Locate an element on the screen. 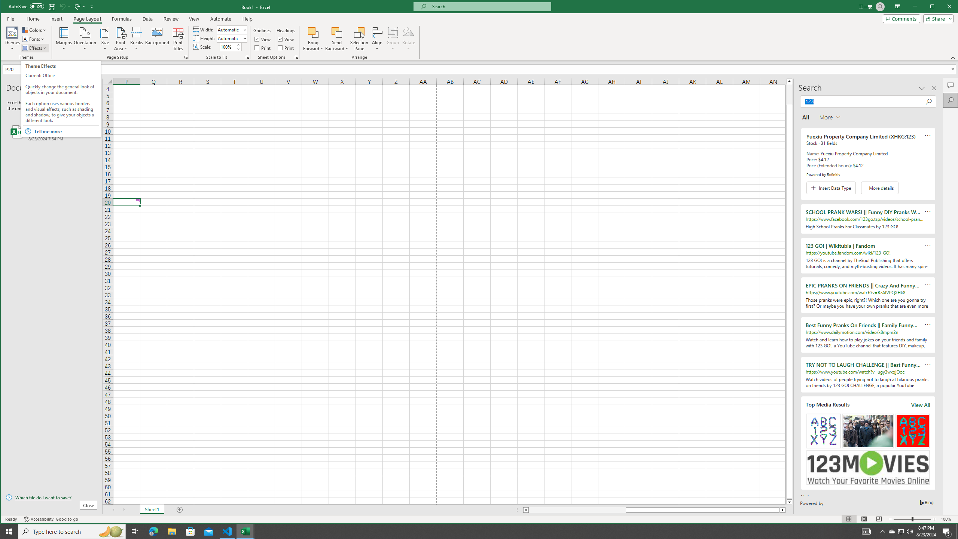 This screenshot has width=958, height=539. 'Send Backward' is located at coordinates (337, 39).